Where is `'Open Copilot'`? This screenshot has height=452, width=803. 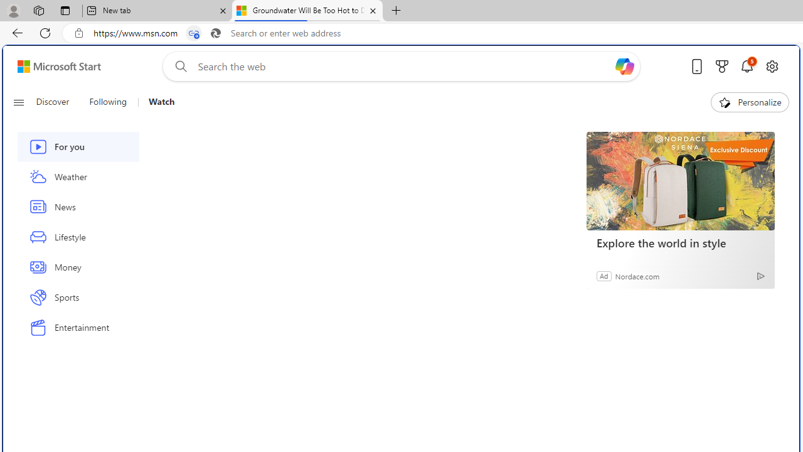
'Open Copilot' is located at coordinates (624, 66).